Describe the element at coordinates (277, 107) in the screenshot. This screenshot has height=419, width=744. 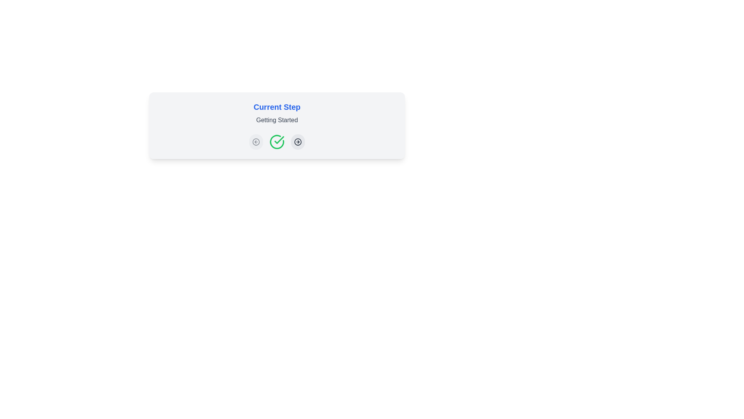
I see `the header text label that indicates the current stage or step of a process, positioned above the secondary label 'Getting Started'` at that location.